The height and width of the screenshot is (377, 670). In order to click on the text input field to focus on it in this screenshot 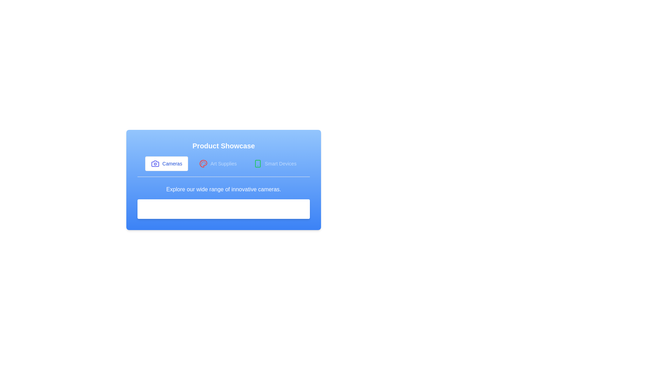, I will do `click(224, 208)`.